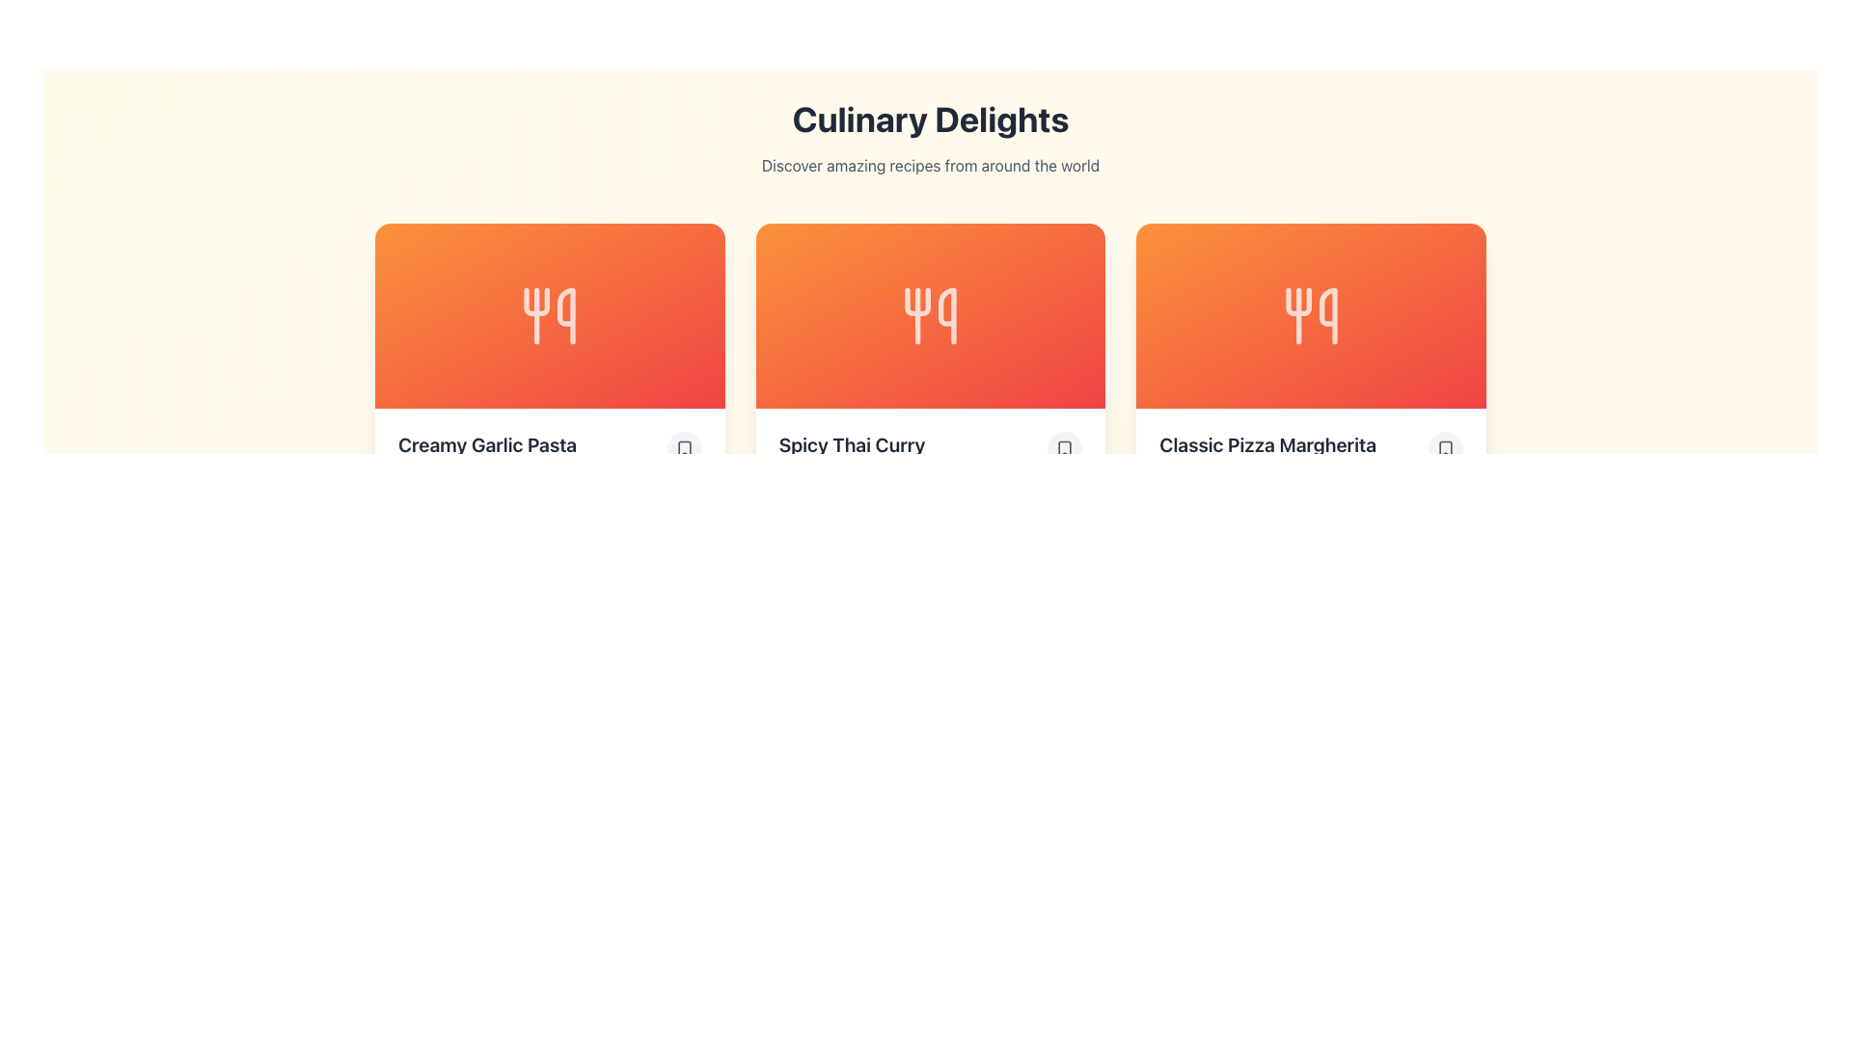 This screenshot has width=1852, height=1041. What do you see at coordinates (916, 302) in the screenshot?
I see `the appearance of the small vertical rectangular icon located in the orange-themed card labeled 'Spicy Thai Curry.'` at bounding box center [916, 302].